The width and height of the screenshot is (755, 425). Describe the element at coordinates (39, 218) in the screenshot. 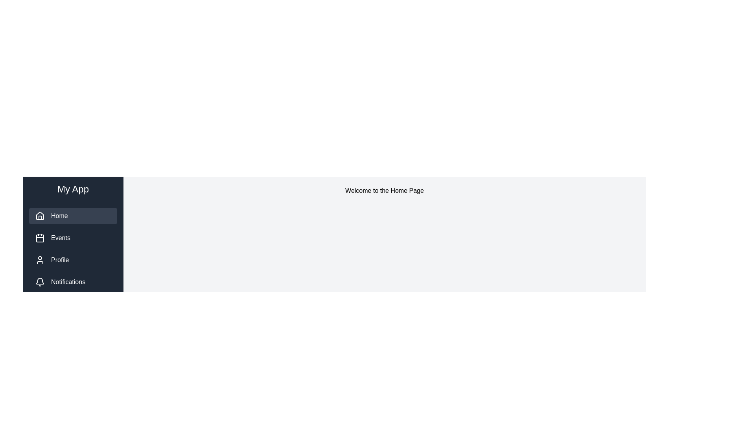

I see `the decorative vector graphic element that represents the door of the 'Home' icon in the sidebar, located centrally within the icon at the top of the navigation menu under 'My App'` at that location.